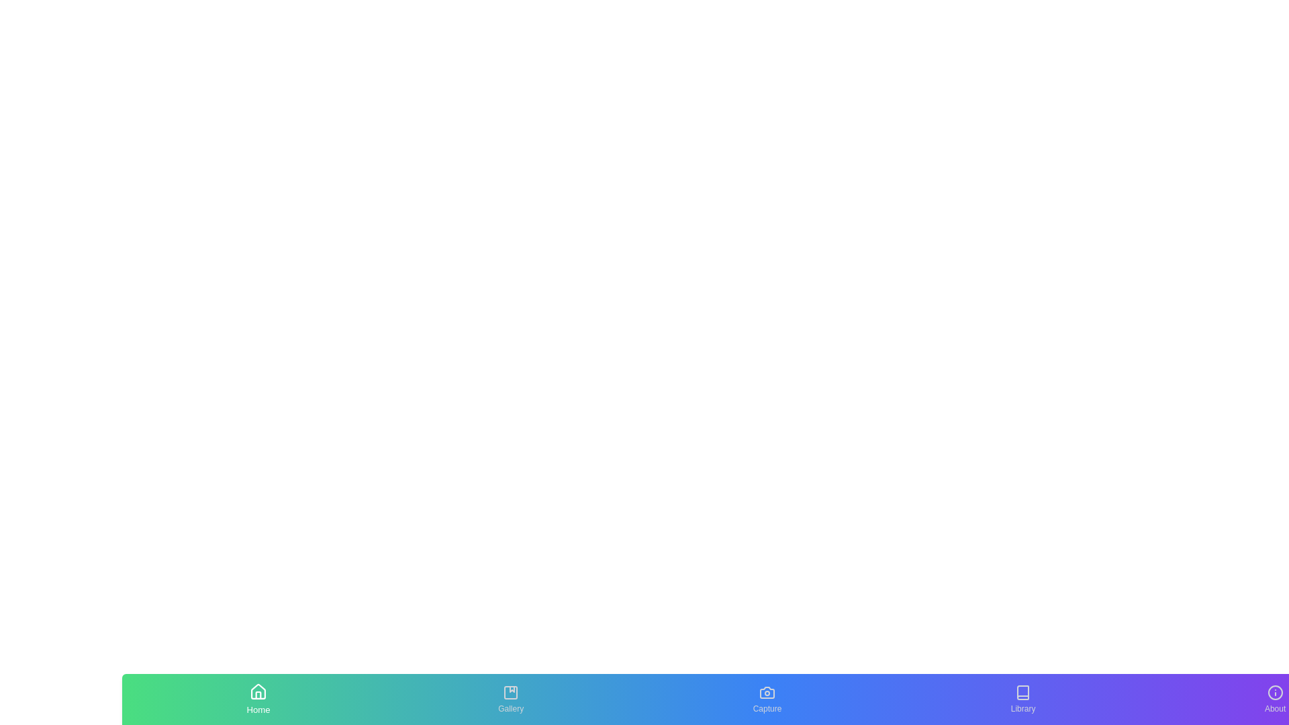 Image resolution: width=1289 pixels, height=725 pixels. I want to click on the About tab, so click(1274, 698).